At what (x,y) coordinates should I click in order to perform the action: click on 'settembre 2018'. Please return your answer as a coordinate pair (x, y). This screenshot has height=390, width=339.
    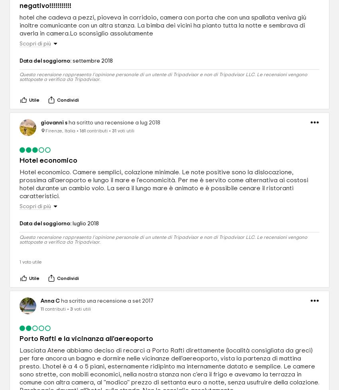
    Looking at the image, I should click on (92, 61).